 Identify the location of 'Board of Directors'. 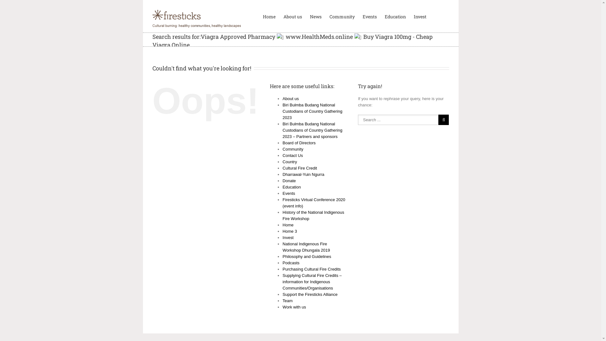
(299, 143).